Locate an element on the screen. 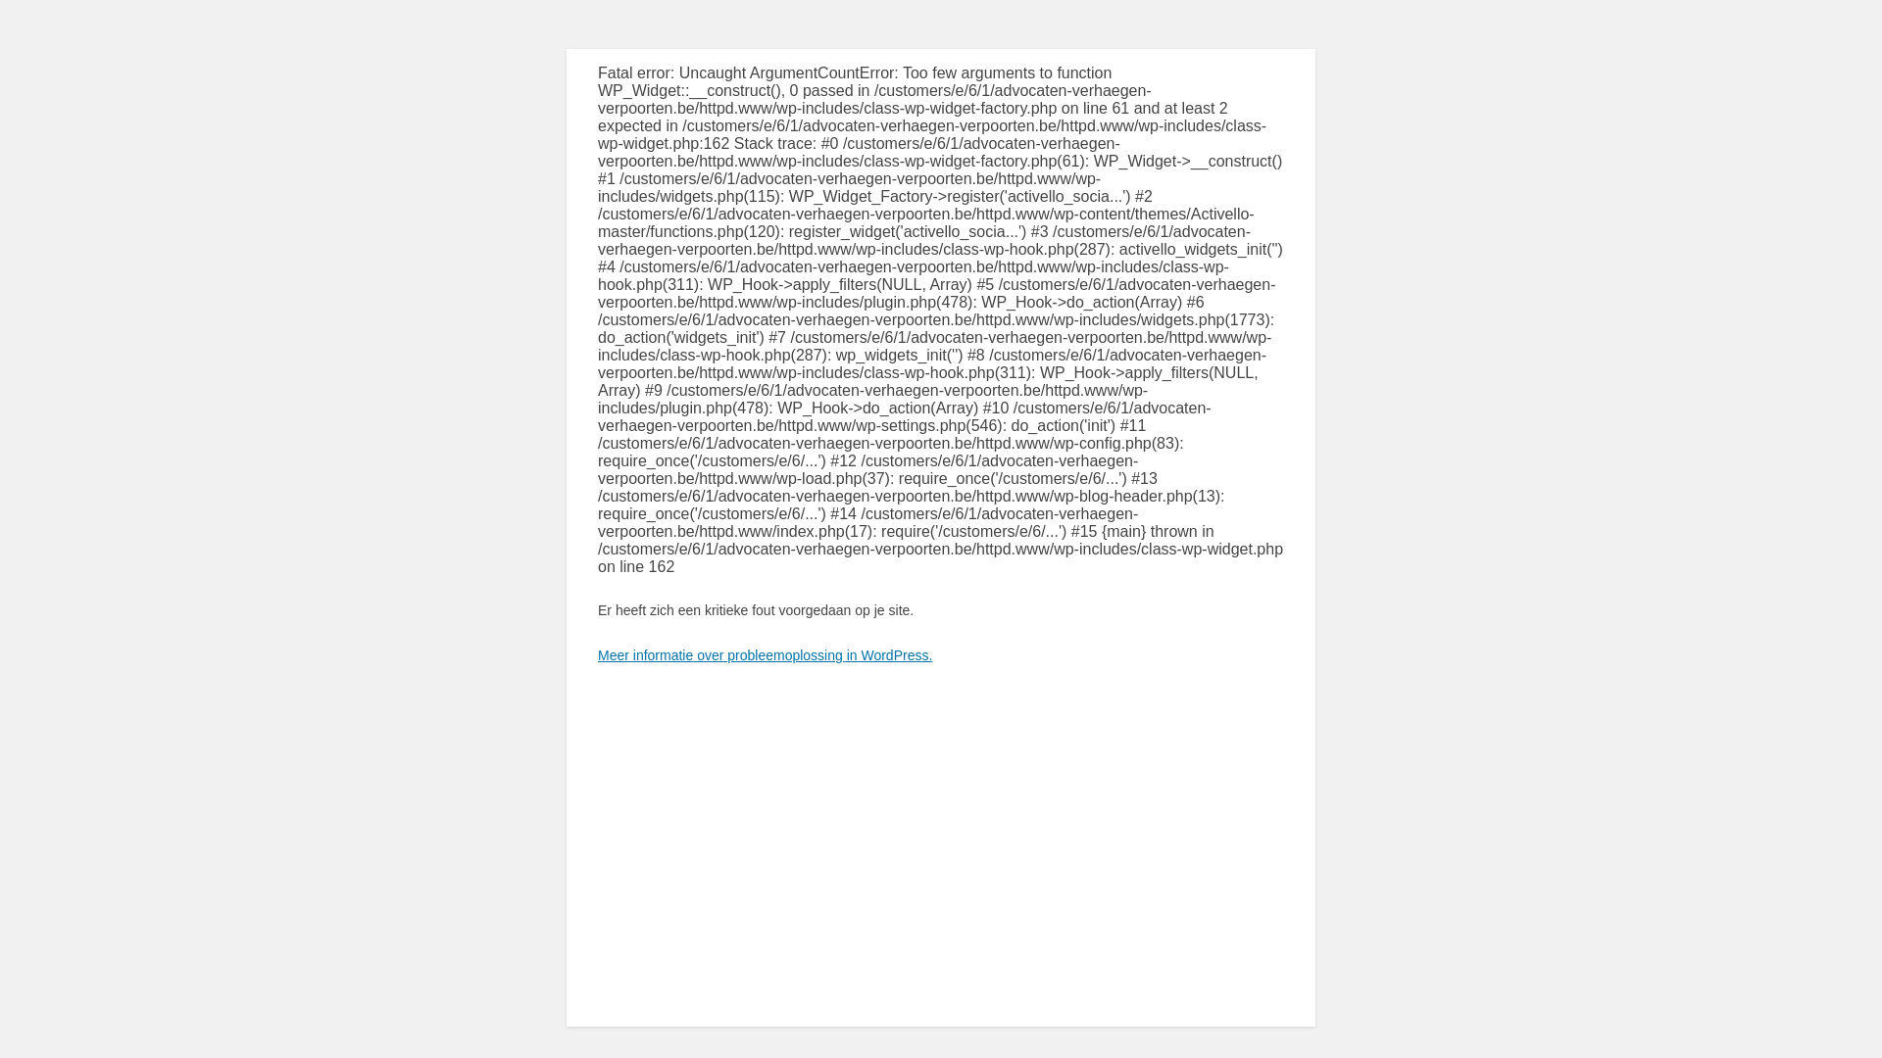 The image size is (1882, 1058). 'Meer informatie over probleemoplossing in WordPress.' is located at coordinates (764, 654).